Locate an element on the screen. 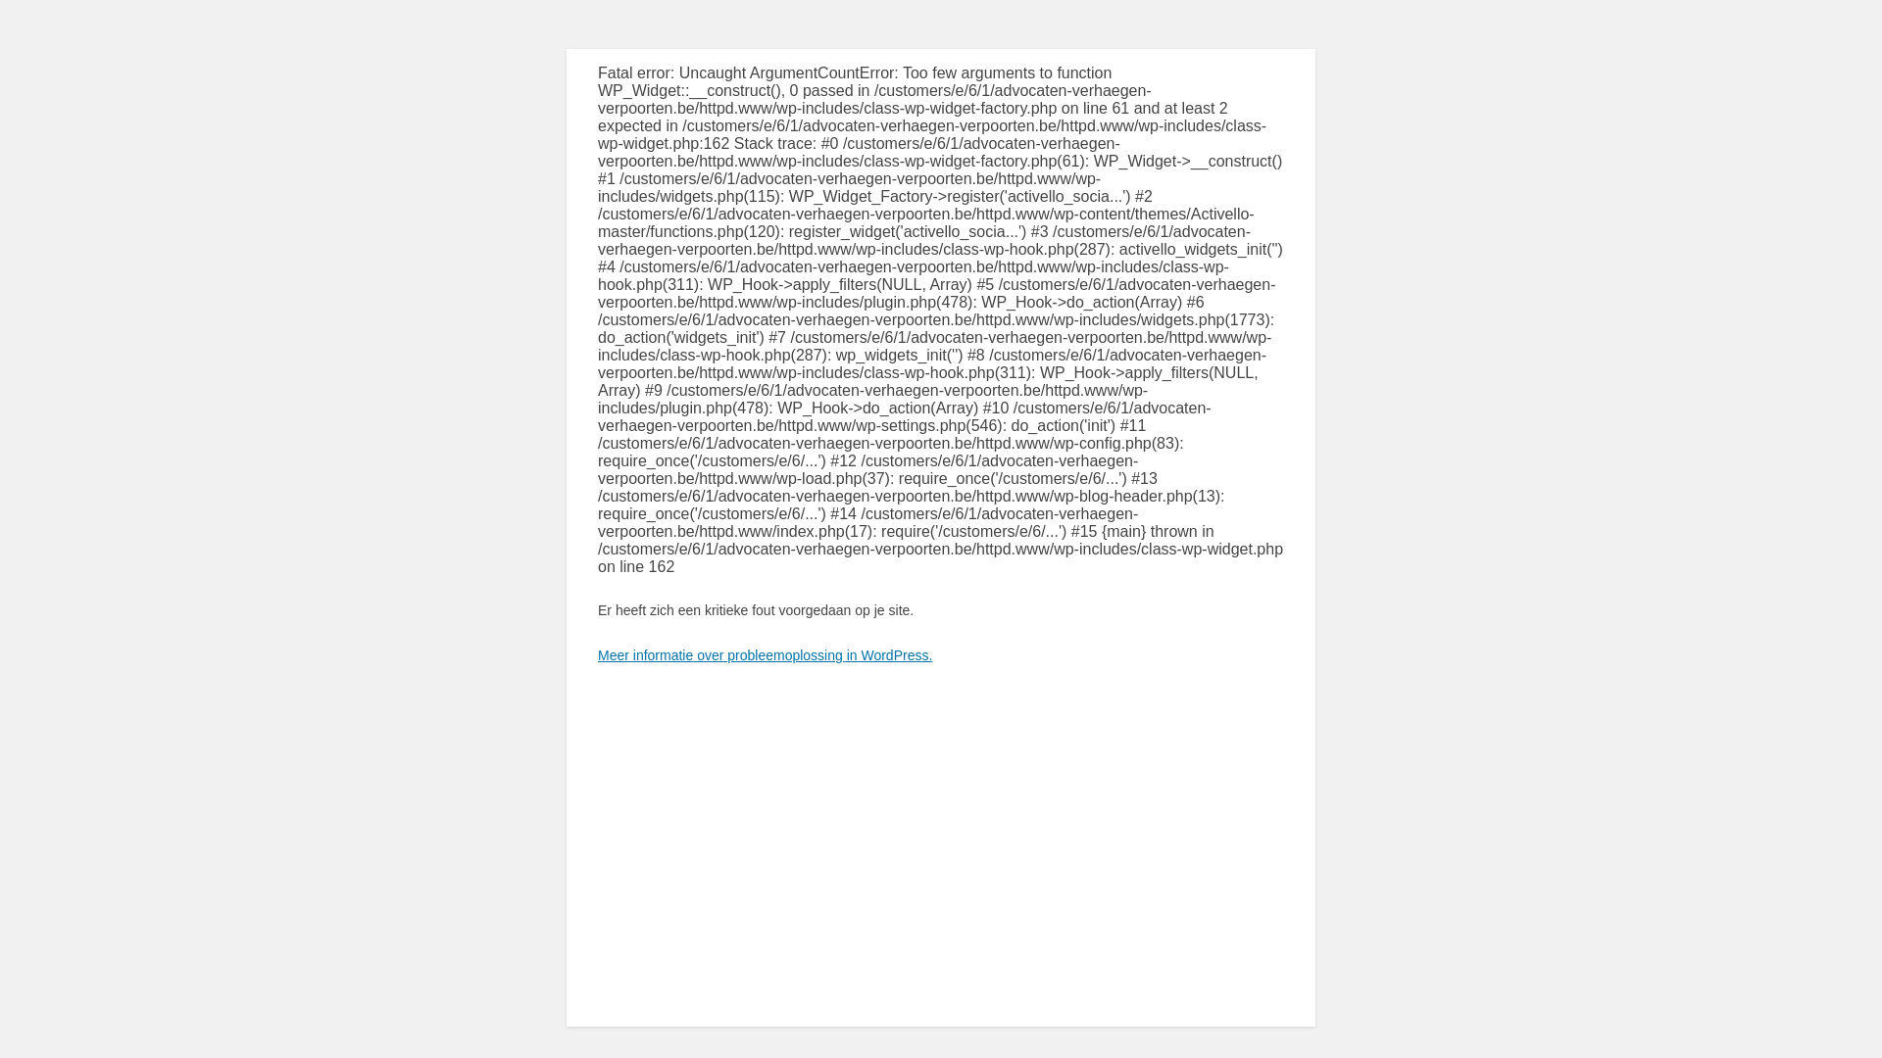 The image size is (1882, 1058). 'Meer informatie over probleemoplossing in WordPress.' is located at coordinates (764, 654).